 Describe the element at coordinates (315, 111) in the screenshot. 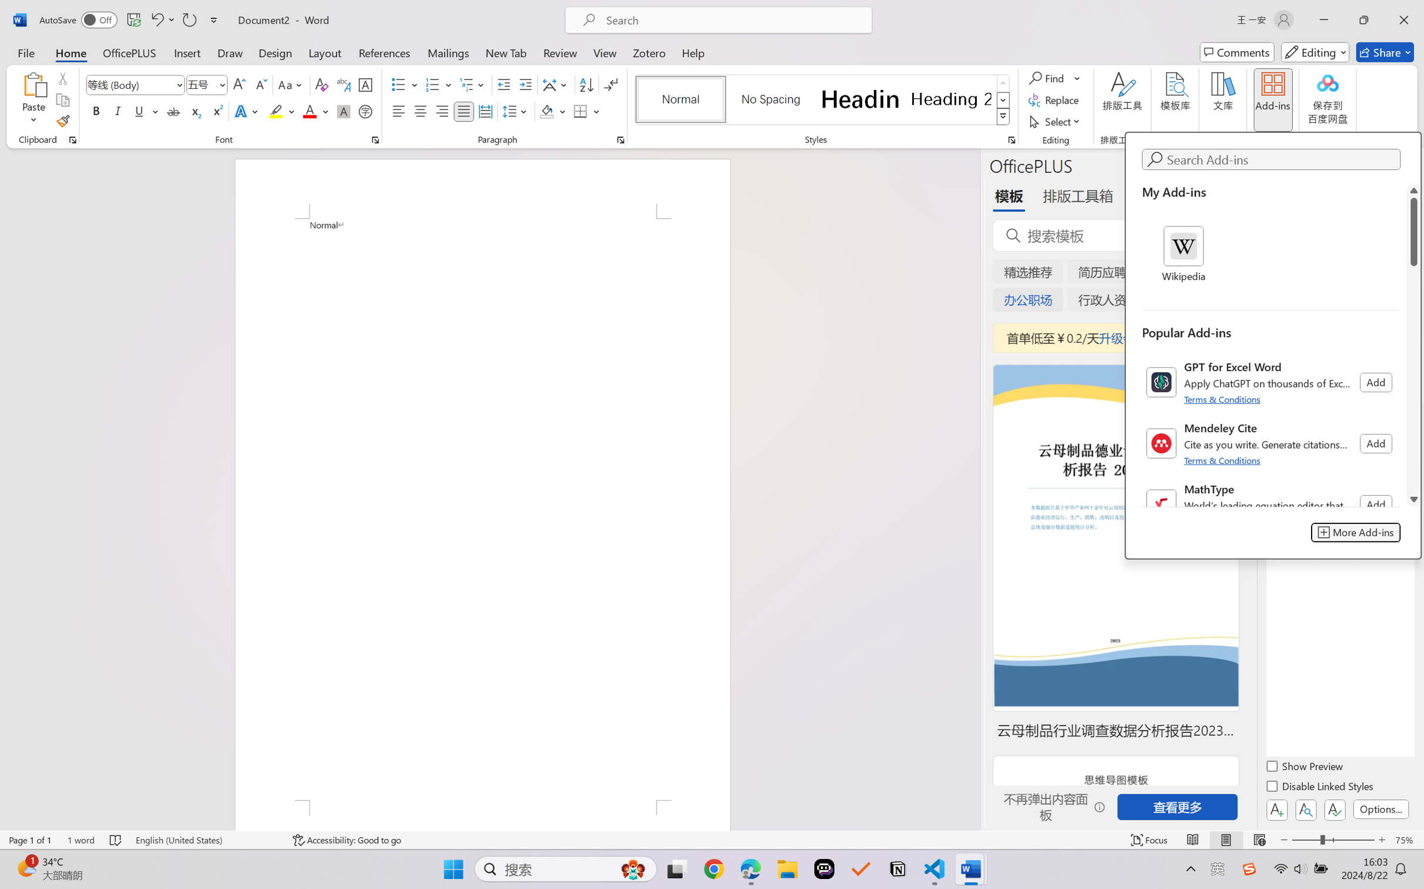

I see `'Font Color'` at that location.